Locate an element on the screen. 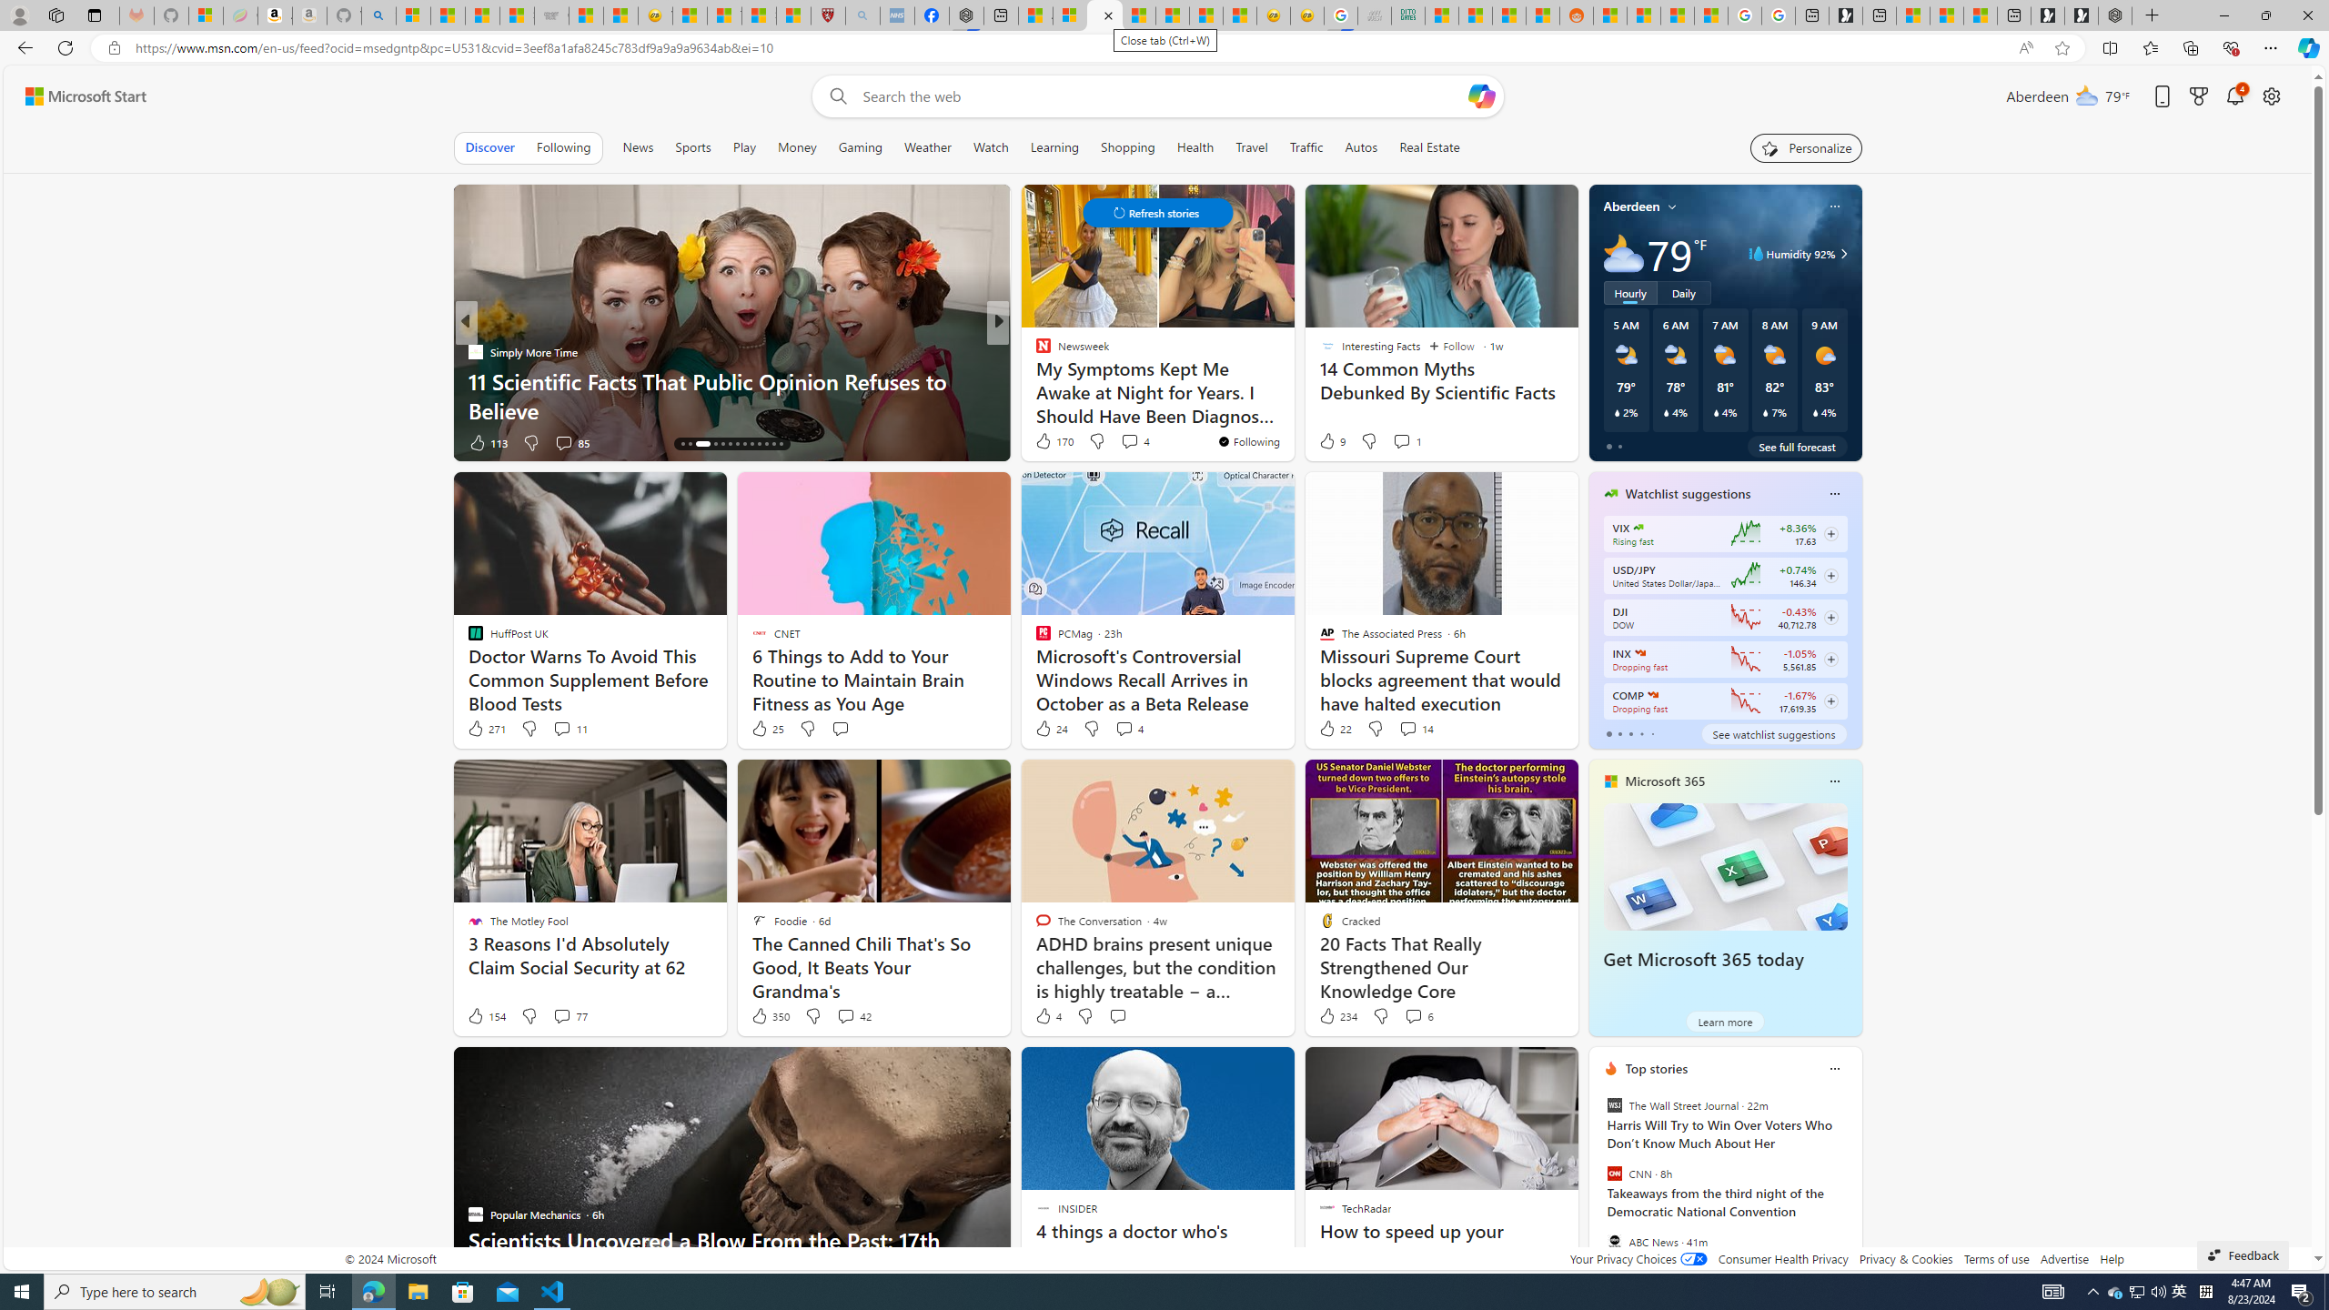  'View comments 85 Comment' is located at coordinates (570, 442).